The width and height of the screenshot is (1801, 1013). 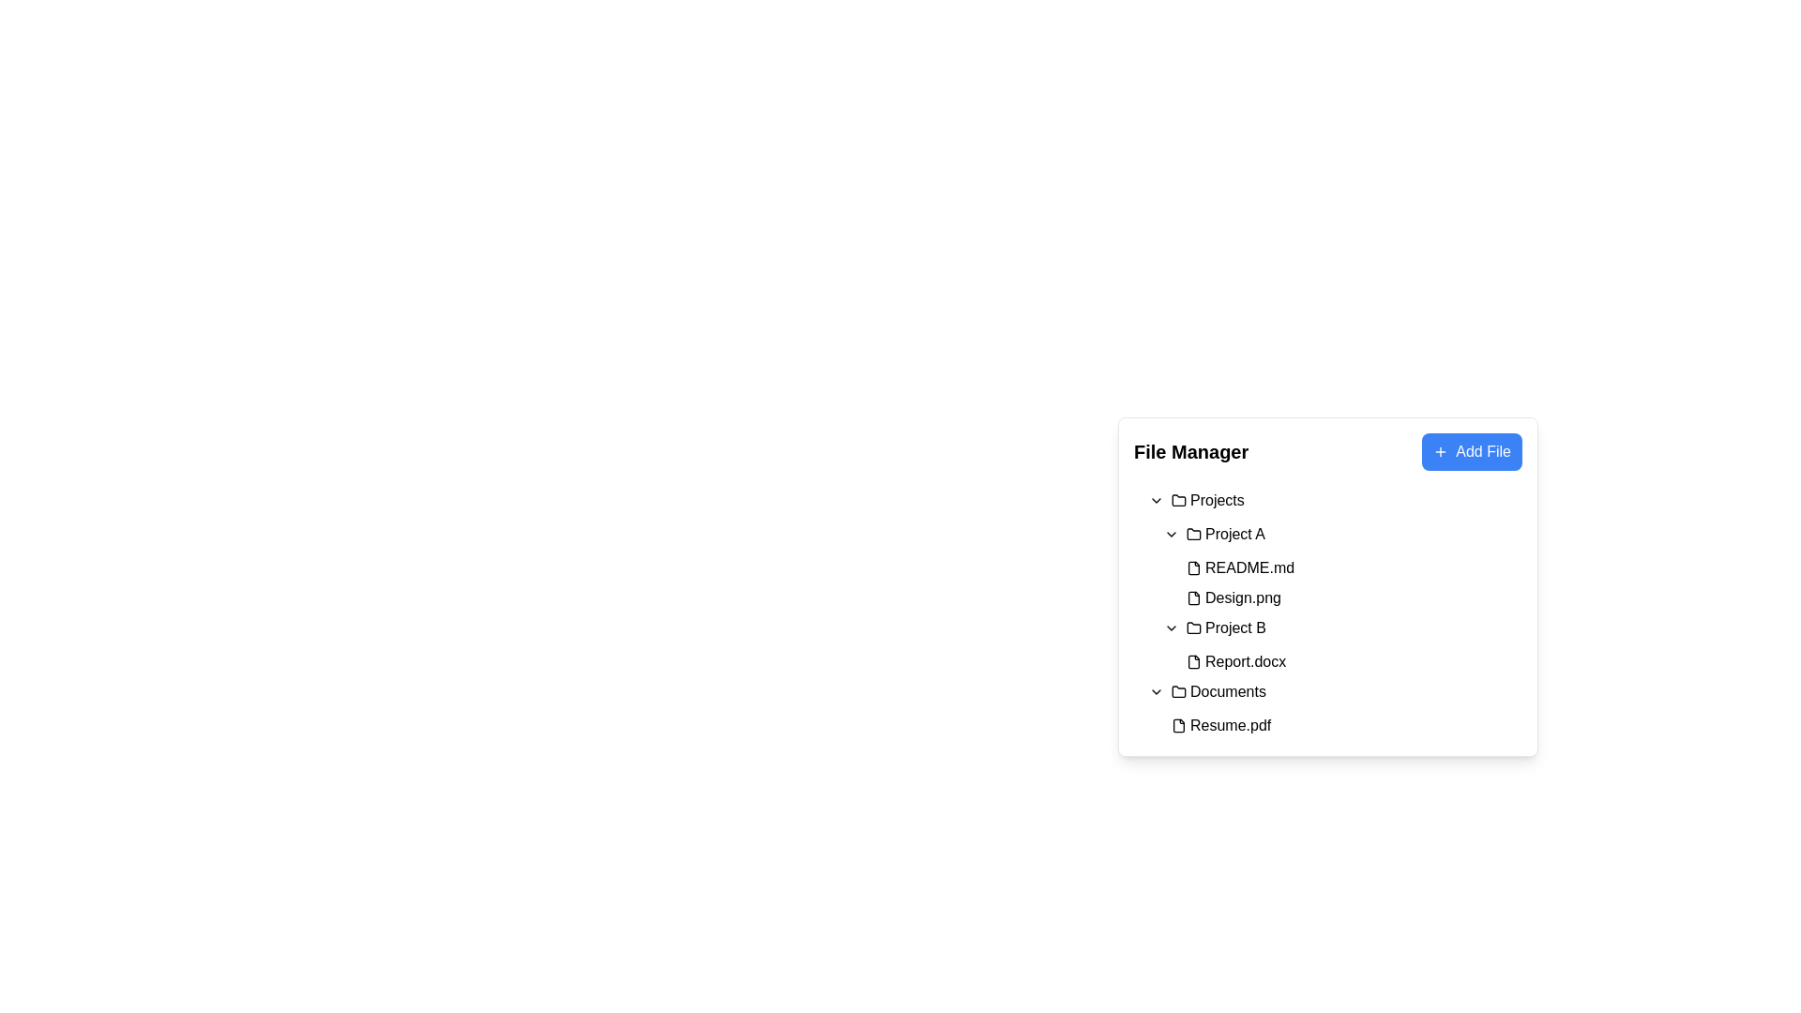 I want to click on the text label 'Projects' which is styled in plain text and located adjacent to a folder icon in the file manager interface, so click(x=1217, y=499).